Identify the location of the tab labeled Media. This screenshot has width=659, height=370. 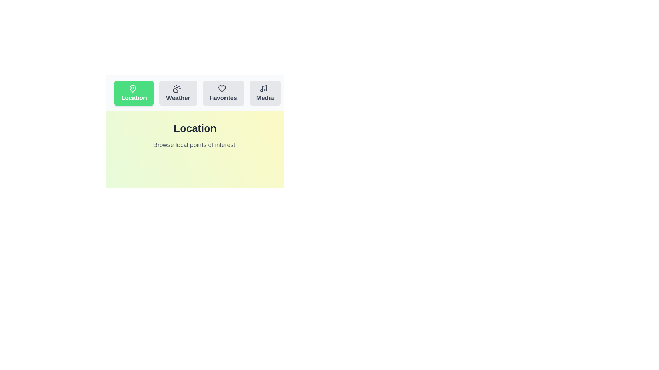
(265, 93).